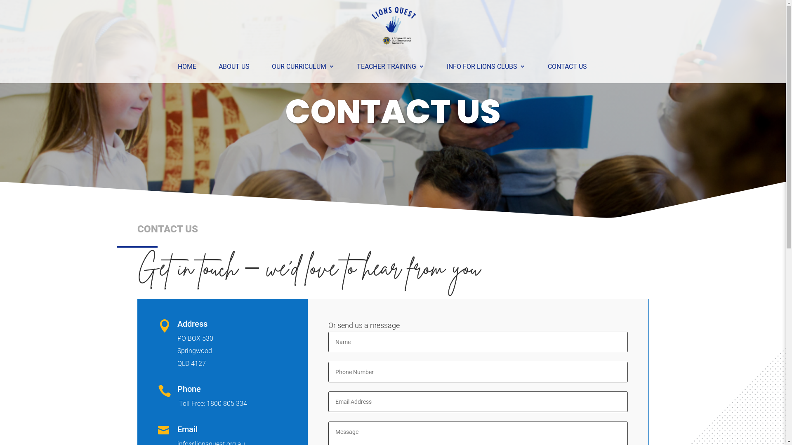 The height and width of the screenshot is (445, 792). What do you see at coordinates (302, 66) in the screenshot?
I see `'OUR CURRICULUM'` at bounding box center [302, 66].